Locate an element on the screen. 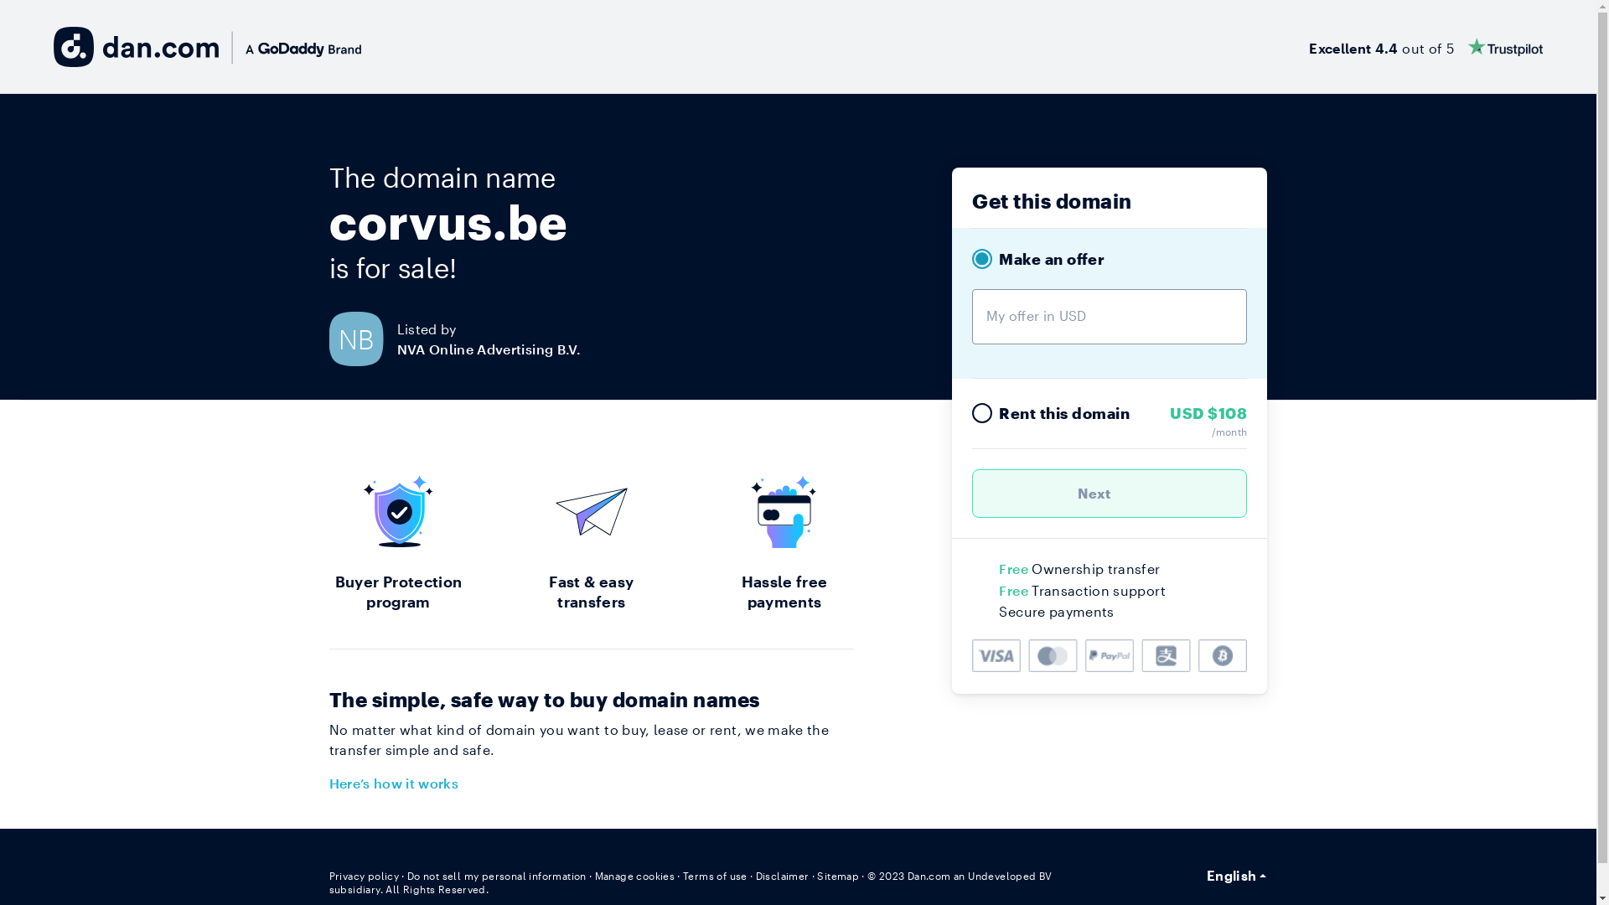  'Next is located at coordinates (1110, 493).